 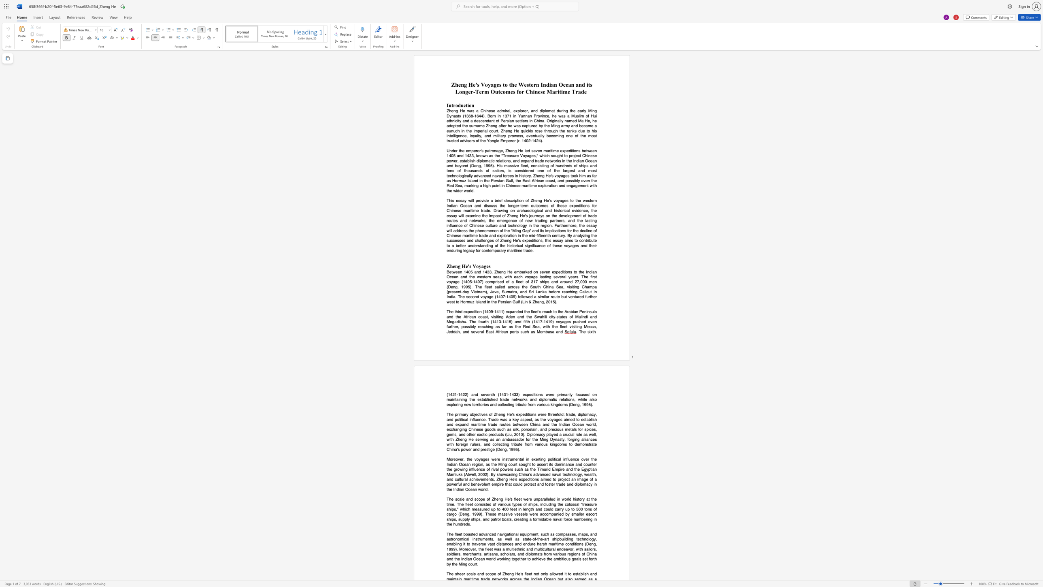 What do you see at coordinates (469, 276) in the screenshot?
I see `the subset text "the western seas, wi" within the text "Between 1405 and 1433, Zheng He embarked on seven expeditions to the Indian Ocean and the western seas, with each voyage lasting several years. The first voyage (1405-1407)"` at bounding box center [469, 276].